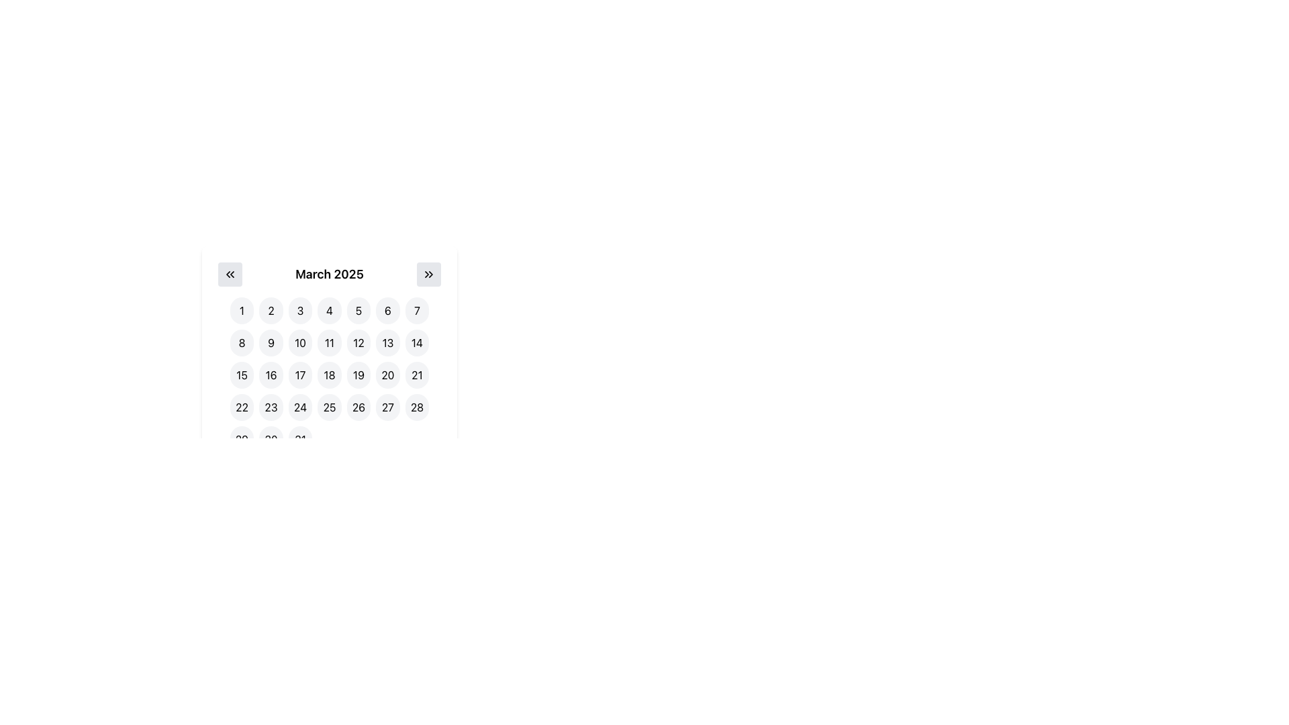 The height and width of the screenshot is (725, 1289). What do you see at coordinates (230, 273) in the screenshot?
I see `the button that navigates to the previous year's calendar display, located at the top-left corner of the interface next to the calendar title 'March 2025'` at bounding box center [230, 273].